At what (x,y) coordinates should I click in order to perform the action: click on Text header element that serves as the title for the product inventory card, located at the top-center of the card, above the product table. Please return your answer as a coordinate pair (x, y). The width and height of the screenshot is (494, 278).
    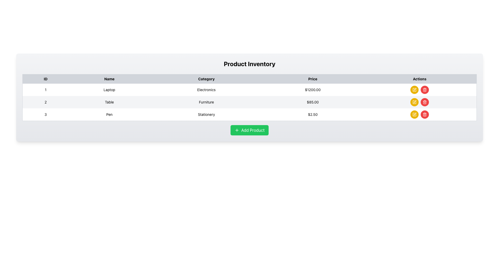
    Looking at the image, I should click on (249, 63).